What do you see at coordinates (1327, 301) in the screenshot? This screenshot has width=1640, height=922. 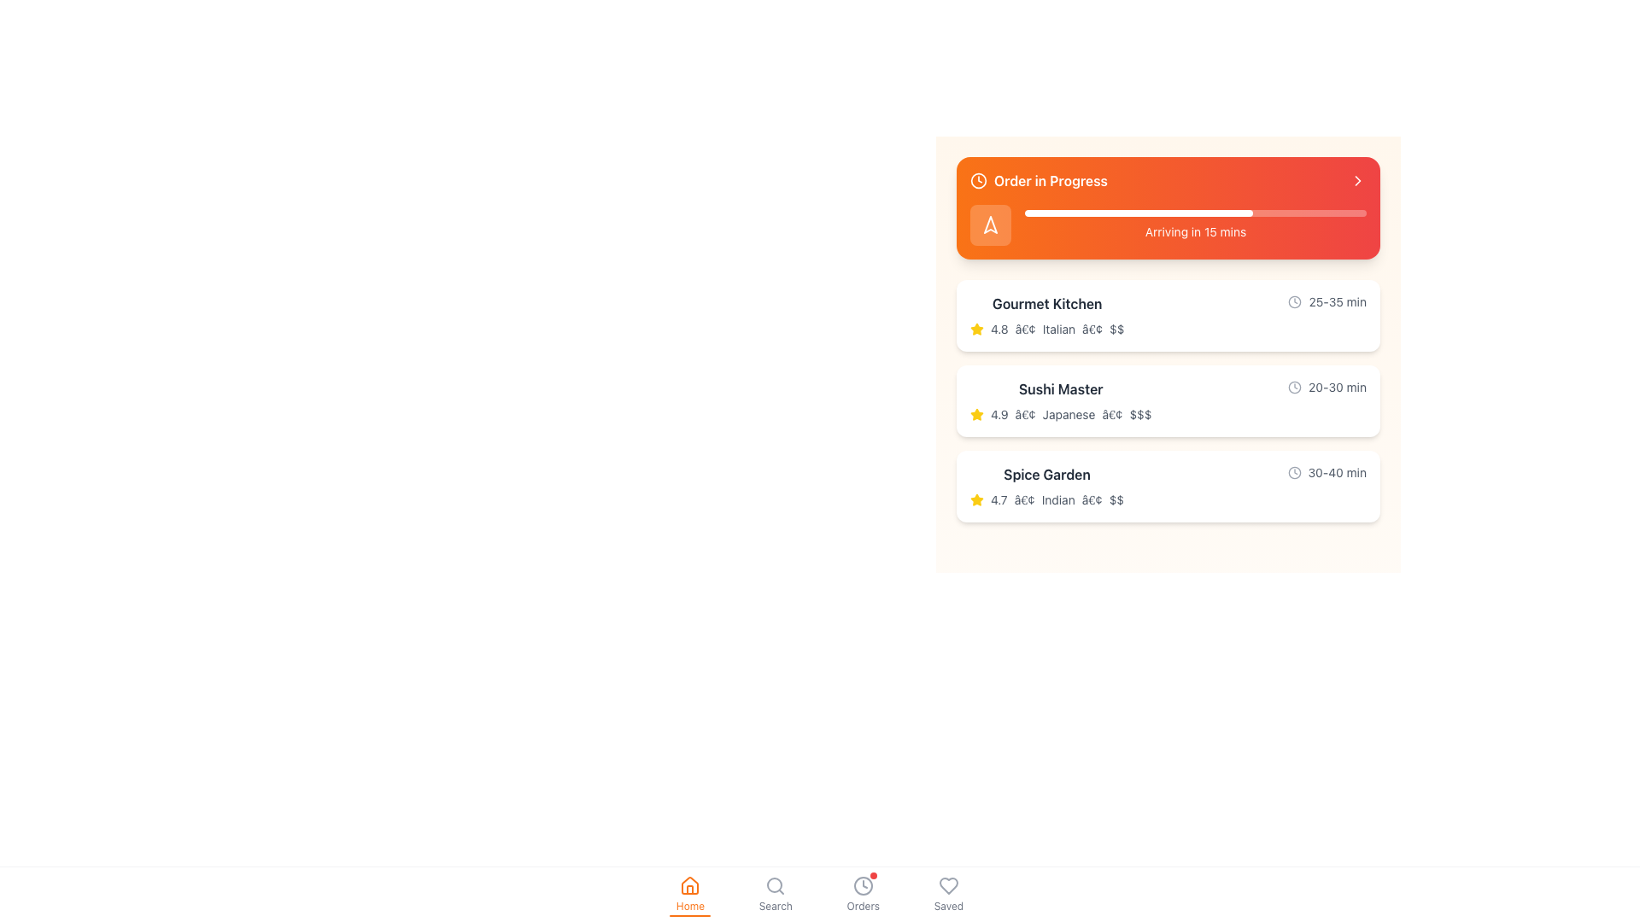 I see `the text label that provides information about the estimated delivery time of the 'Gourmet Kitchen' restaurant, located on the right side of the 'Gourmet Kitchen' section` at bounding box center [1327, 301].